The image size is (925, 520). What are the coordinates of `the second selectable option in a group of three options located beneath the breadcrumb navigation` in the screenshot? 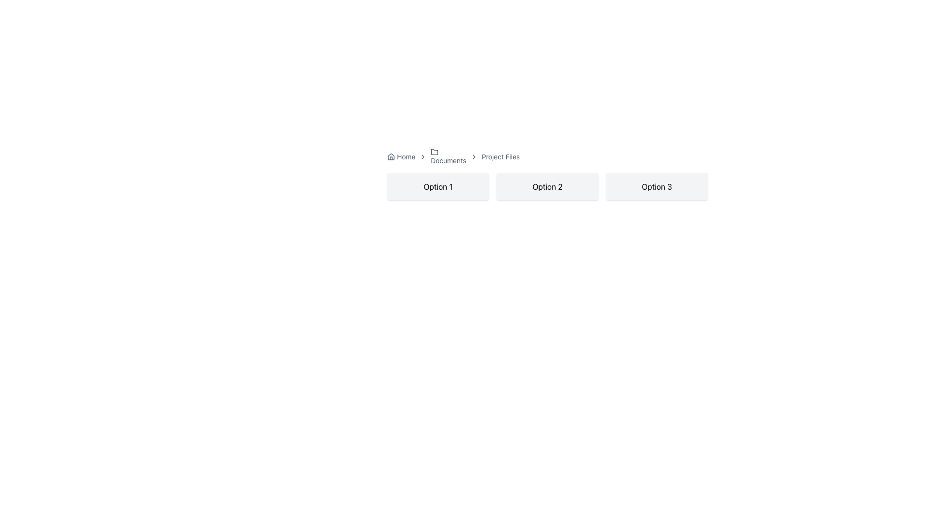 It's located at (547, 187).